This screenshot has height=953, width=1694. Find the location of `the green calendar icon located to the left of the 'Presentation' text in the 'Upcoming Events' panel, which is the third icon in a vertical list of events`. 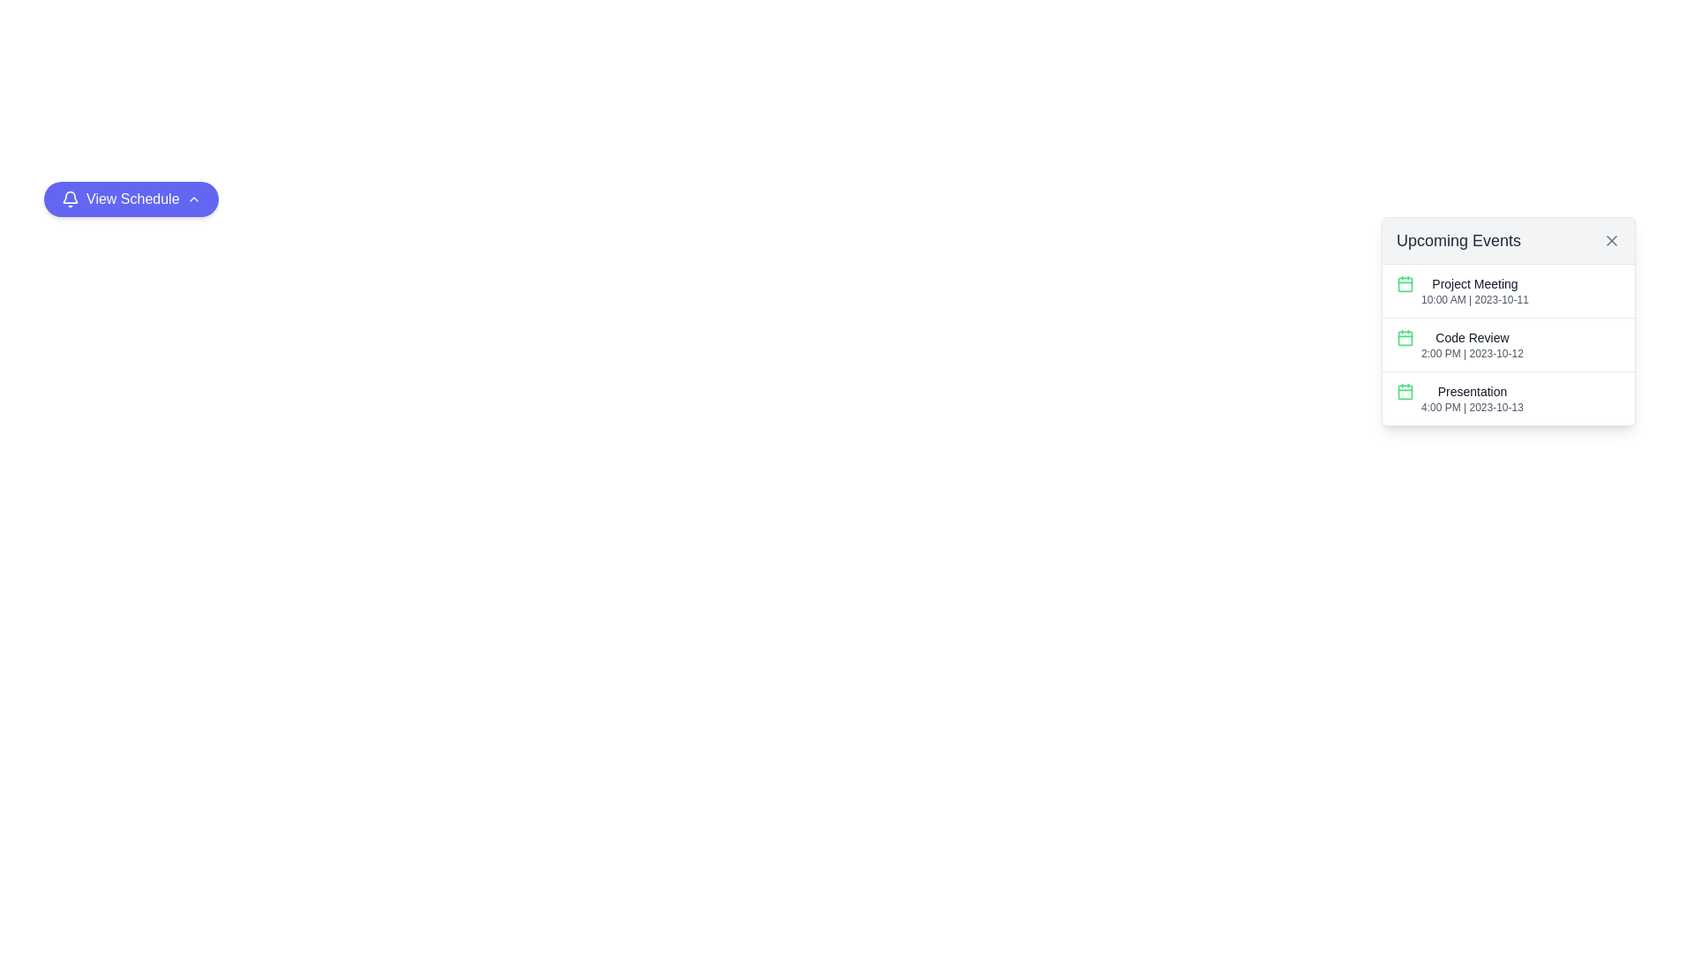

the green calendar icon located to the left of the 'Presentation' text in the 'Upcoming Events' panel, which is the third icon in a vertical list of events is located at coordinates (1405, 390).